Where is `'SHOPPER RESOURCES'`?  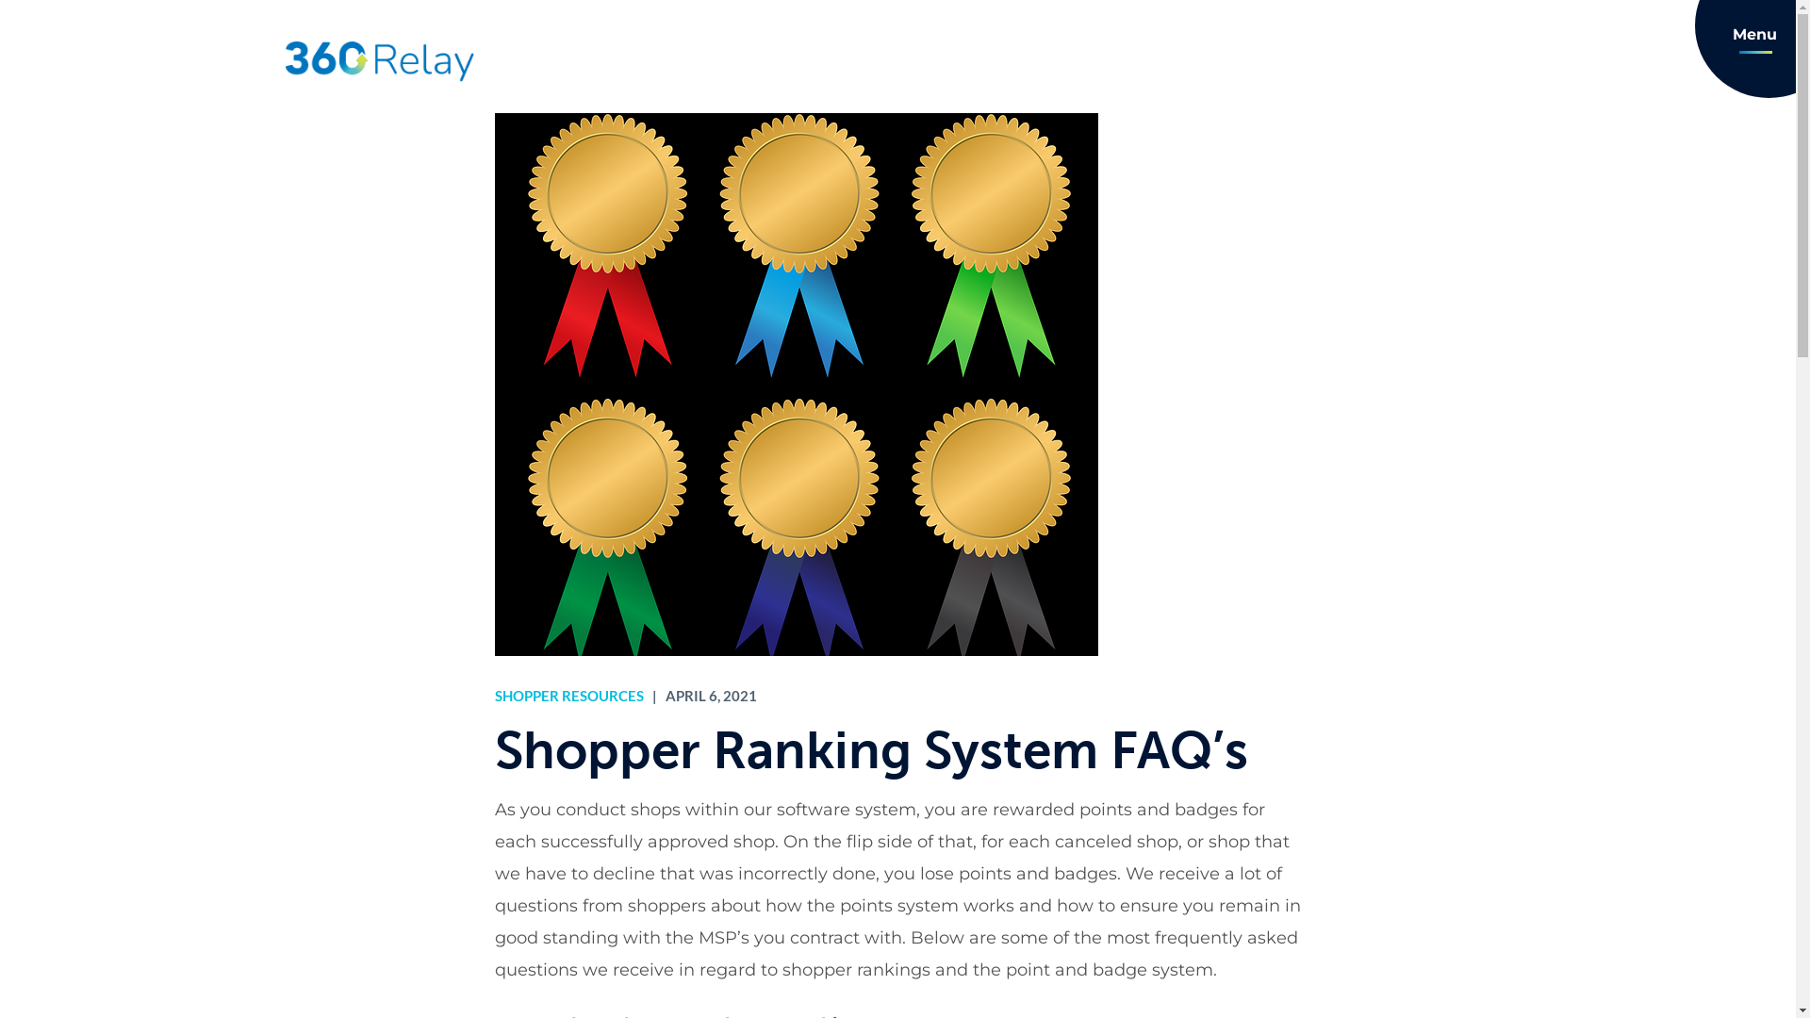
'SHOPPER RESOURCES' is located at coordinates (568, 695).